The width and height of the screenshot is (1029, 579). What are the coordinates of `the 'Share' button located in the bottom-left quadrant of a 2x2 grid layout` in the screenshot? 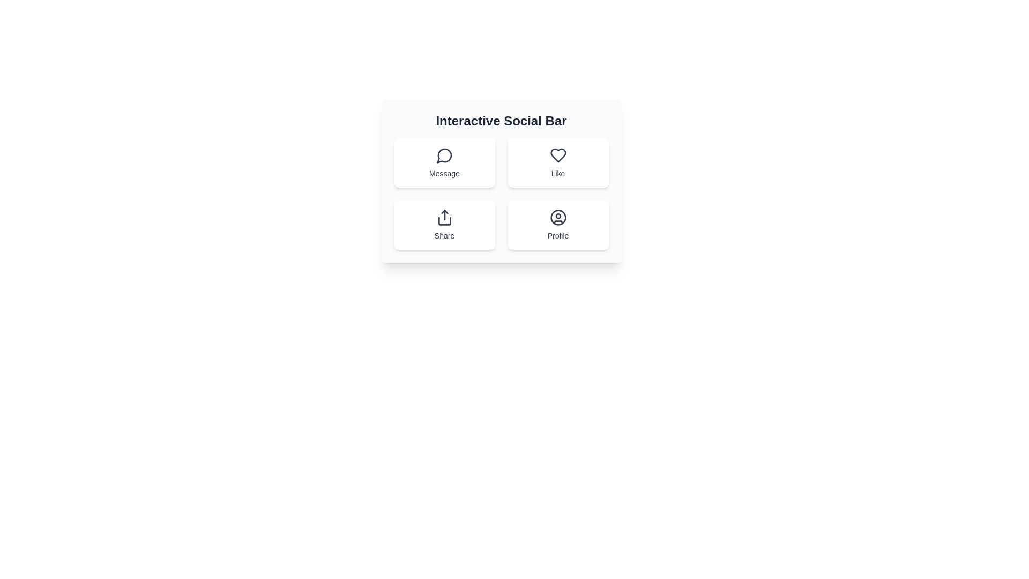 It's located at (444, 225).